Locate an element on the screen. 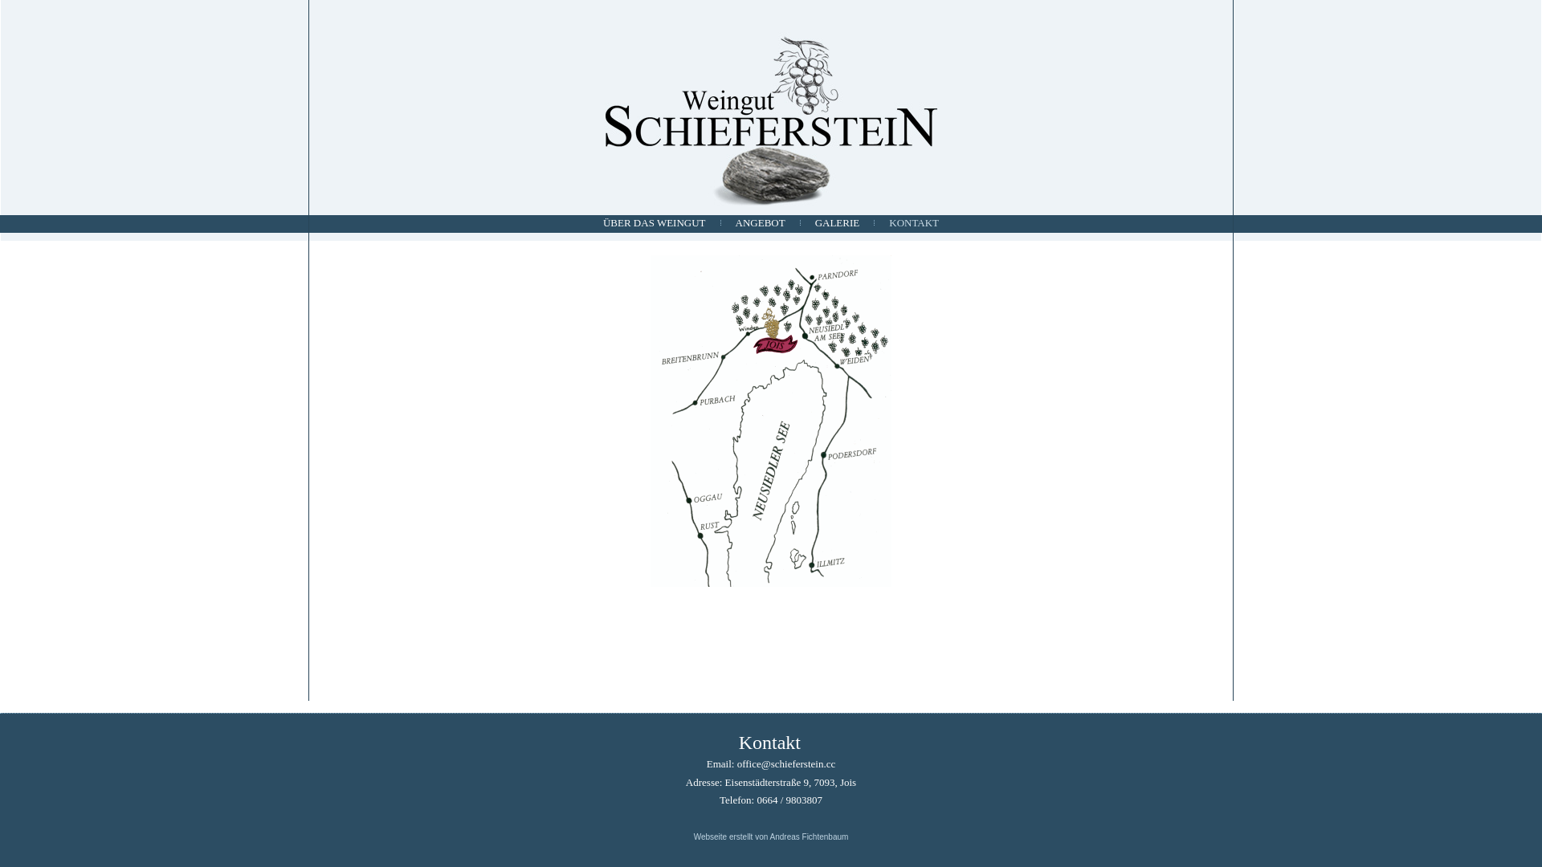  'ANGEBOT' is located at coordinates (759, 222).